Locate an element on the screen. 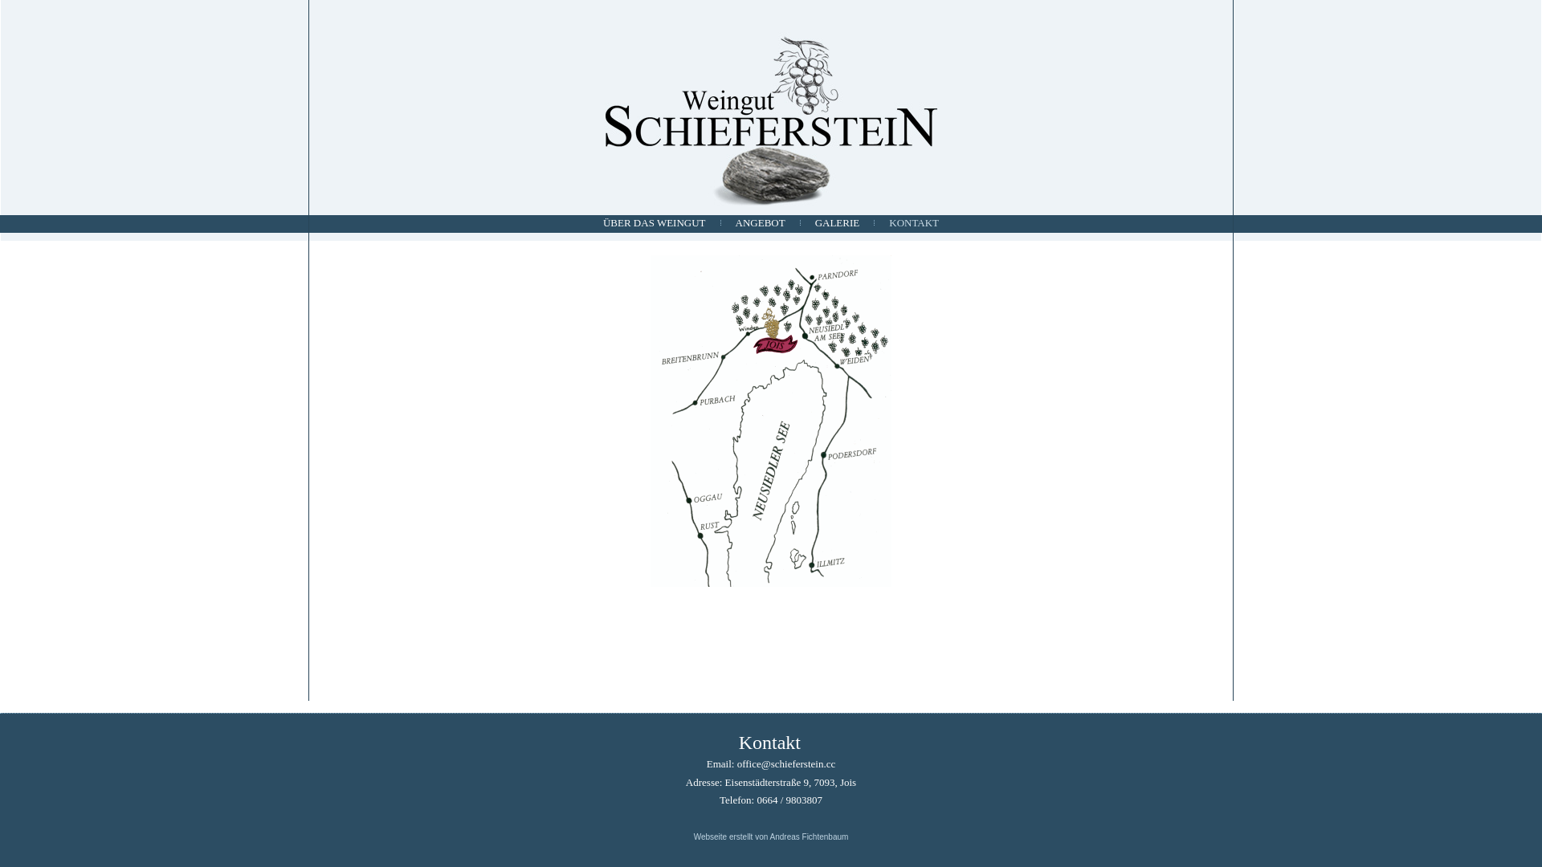  'ANGEBOT' is located at coordinates (759, 222).